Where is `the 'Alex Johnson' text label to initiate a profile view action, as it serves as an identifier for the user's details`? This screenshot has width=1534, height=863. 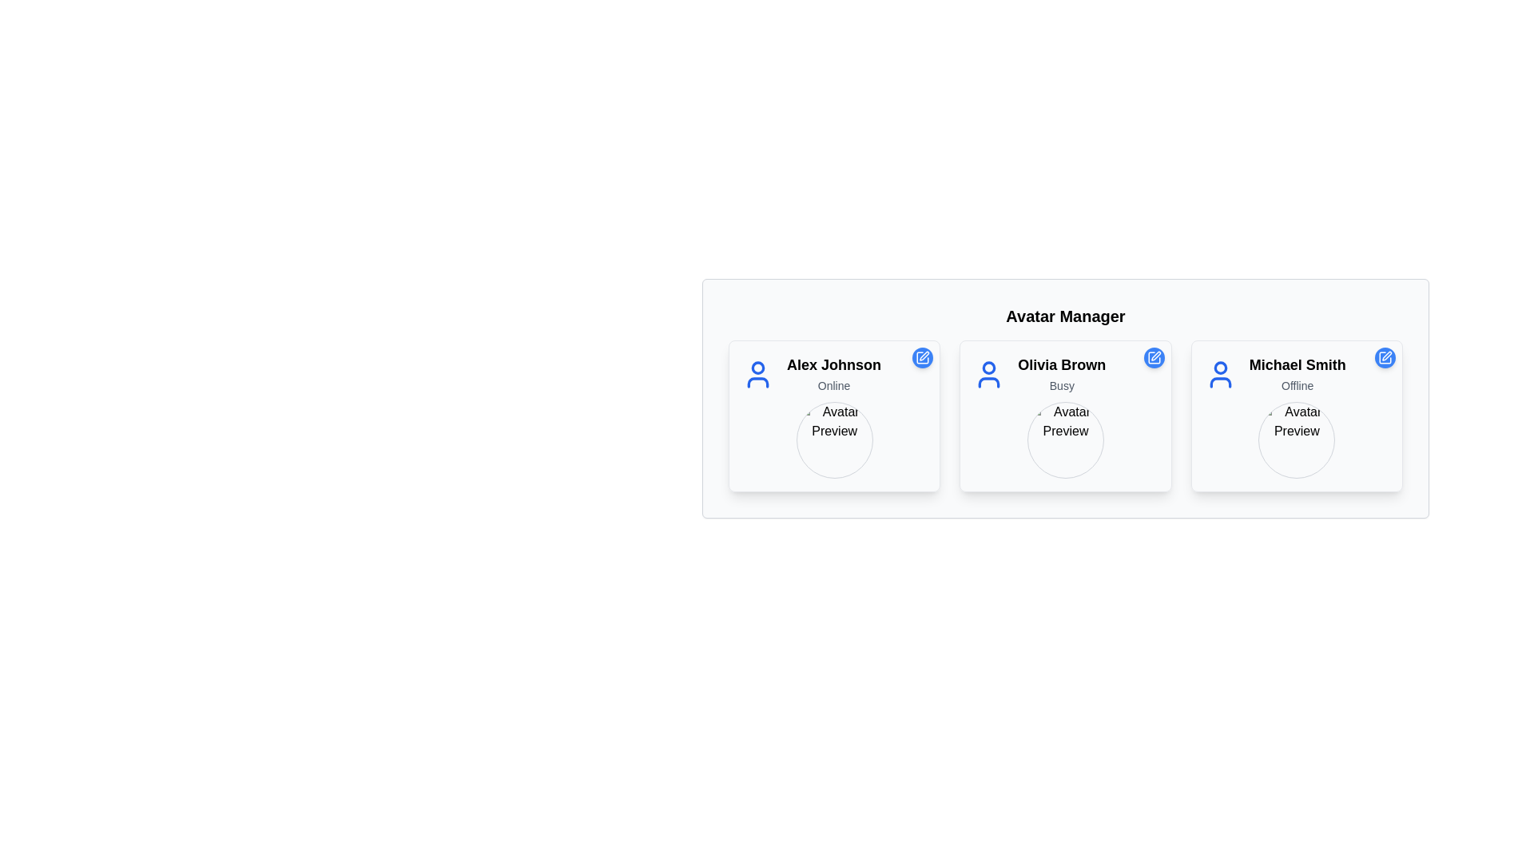 the 'Alex Johnson' text label to initiate a profile view action, as it serves as an identifier for the user's details is located at coordinates (833, 364).